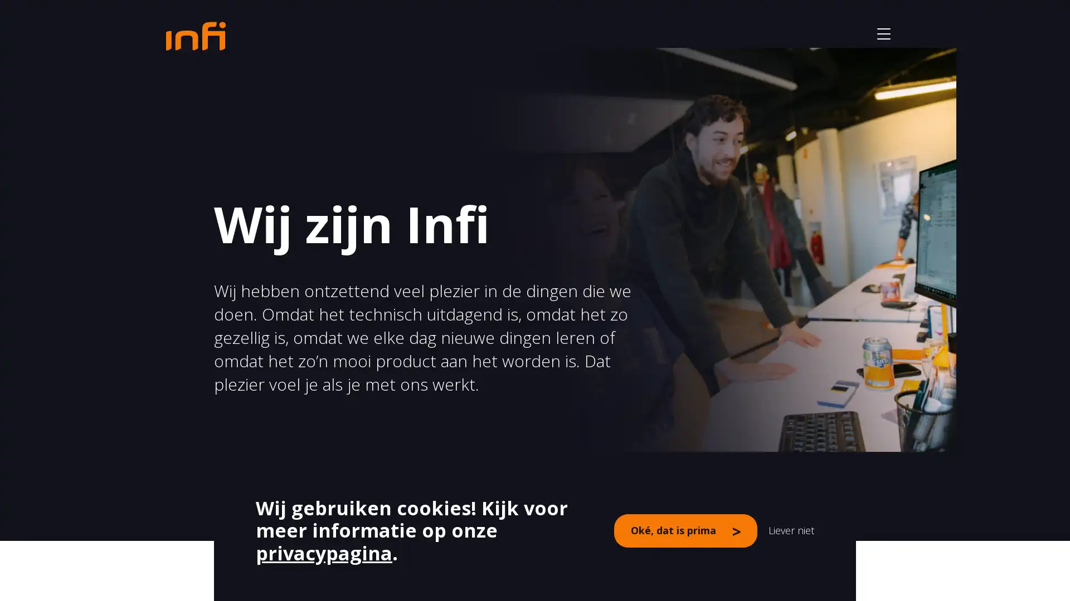 The image size is (1070, 601). Describe the element at coordinates (883, 34) in the screenshot. I see `button - open het menu` at that location.